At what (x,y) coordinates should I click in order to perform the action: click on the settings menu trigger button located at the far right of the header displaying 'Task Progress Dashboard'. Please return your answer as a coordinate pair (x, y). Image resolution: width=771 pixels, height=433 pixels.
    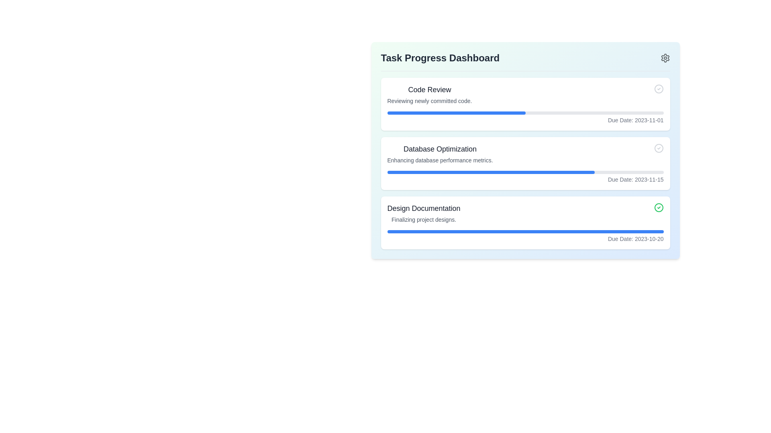
    Looking at the image, I should click on (665, 58).